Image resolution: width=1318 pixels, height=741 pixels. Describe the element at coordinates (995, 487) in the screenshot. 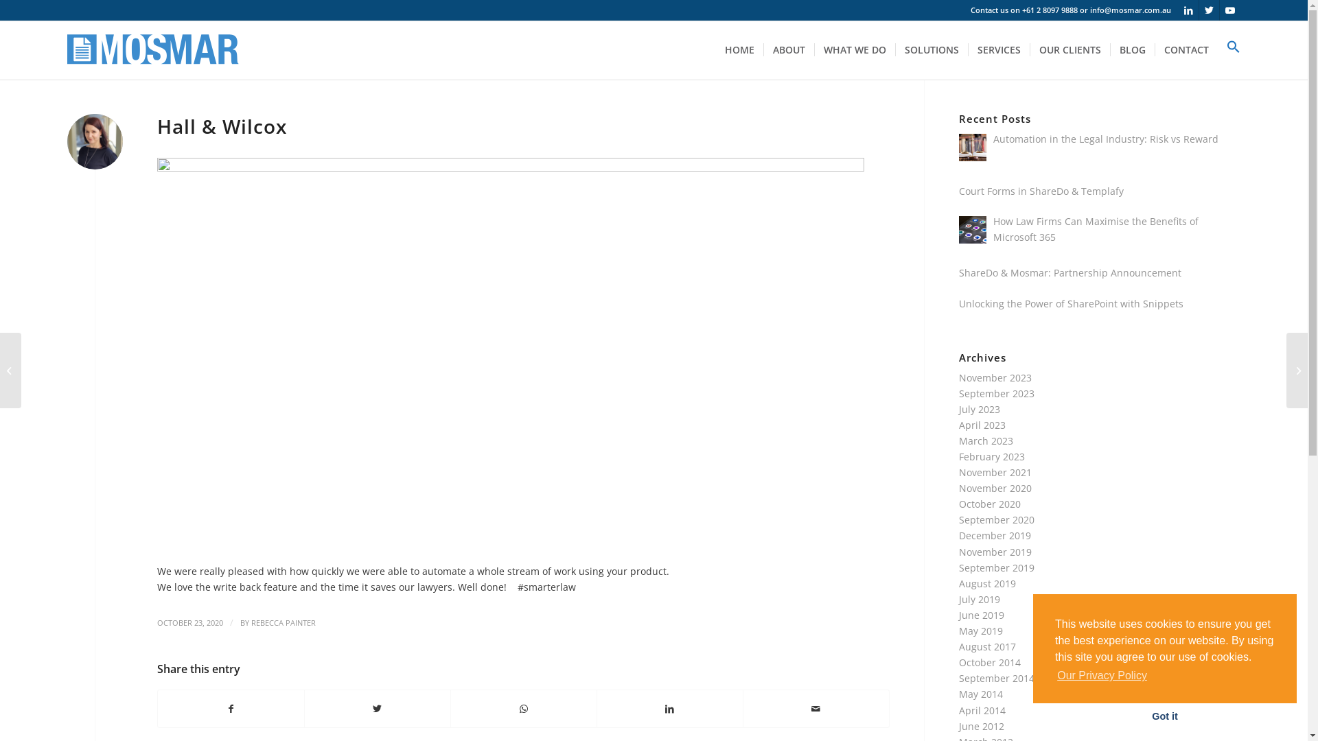

I see `'November 2020'` at that location.